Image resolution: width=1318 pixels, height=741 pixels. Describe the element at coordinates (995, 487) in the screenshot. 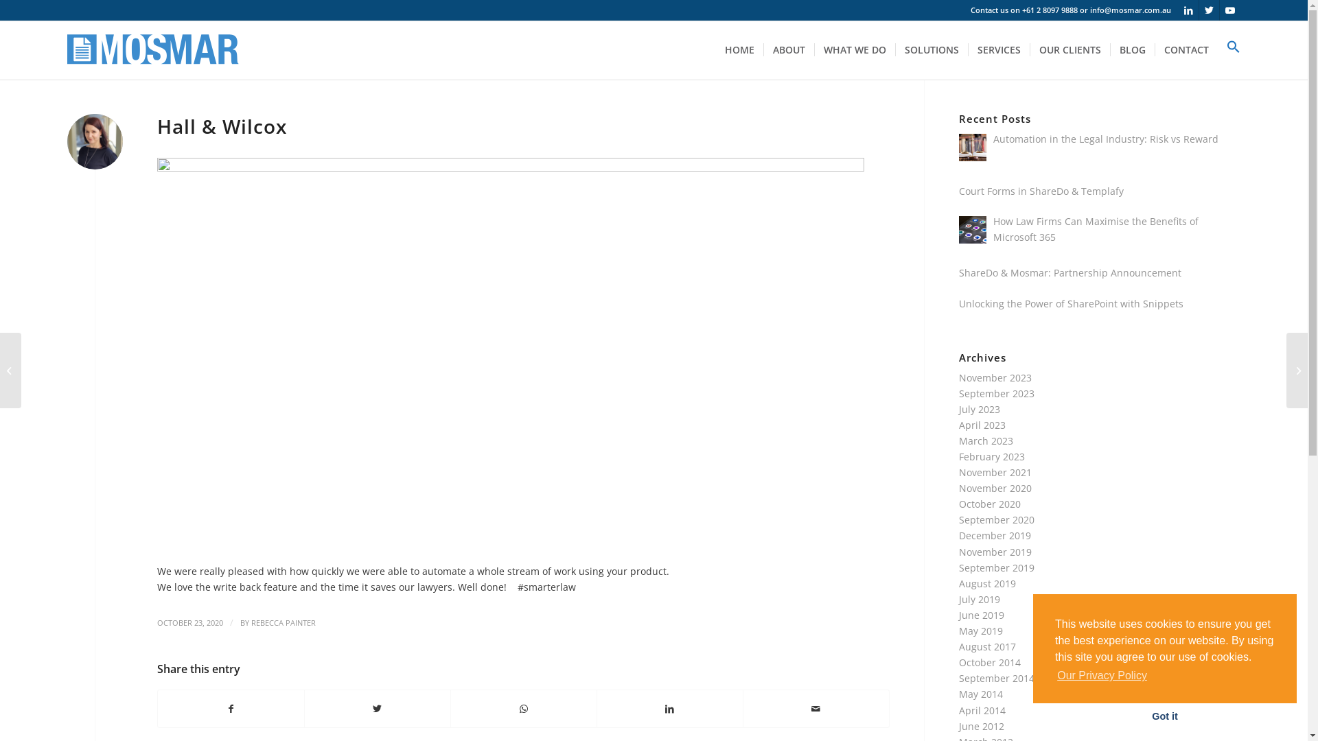

I see `'November 2020'` at that location.